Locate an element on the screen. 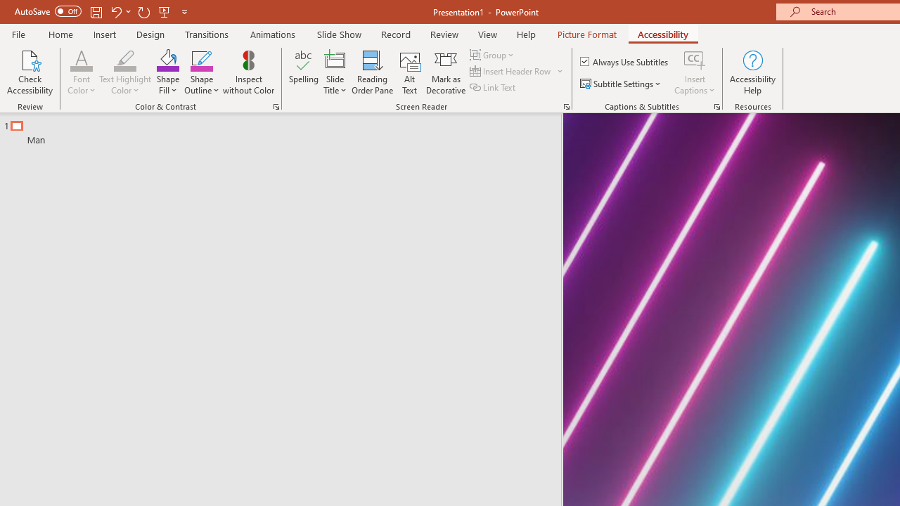 The width and height of the screenshot is (900, 506). 'Transitions' is located at coordinates (207, 34).